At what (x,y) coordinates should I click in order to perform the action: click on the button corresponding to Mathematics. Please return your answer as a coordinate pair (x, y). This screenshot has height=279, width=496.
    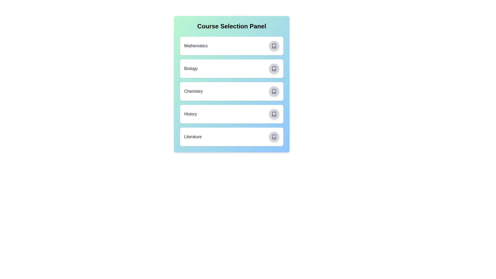
    Looking at the image, I should click on (274, 45).